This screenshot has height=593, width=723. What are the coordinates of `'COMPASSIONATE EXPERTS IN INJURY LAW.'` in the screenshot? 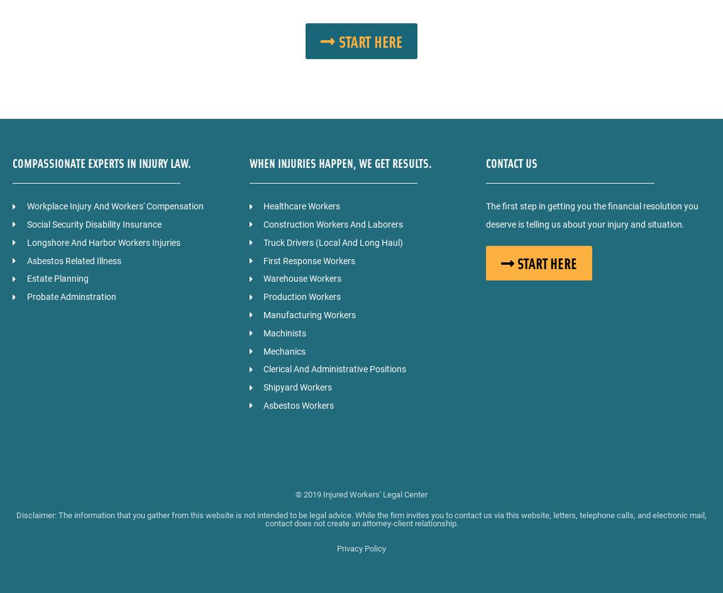 It's located at (101, 162).